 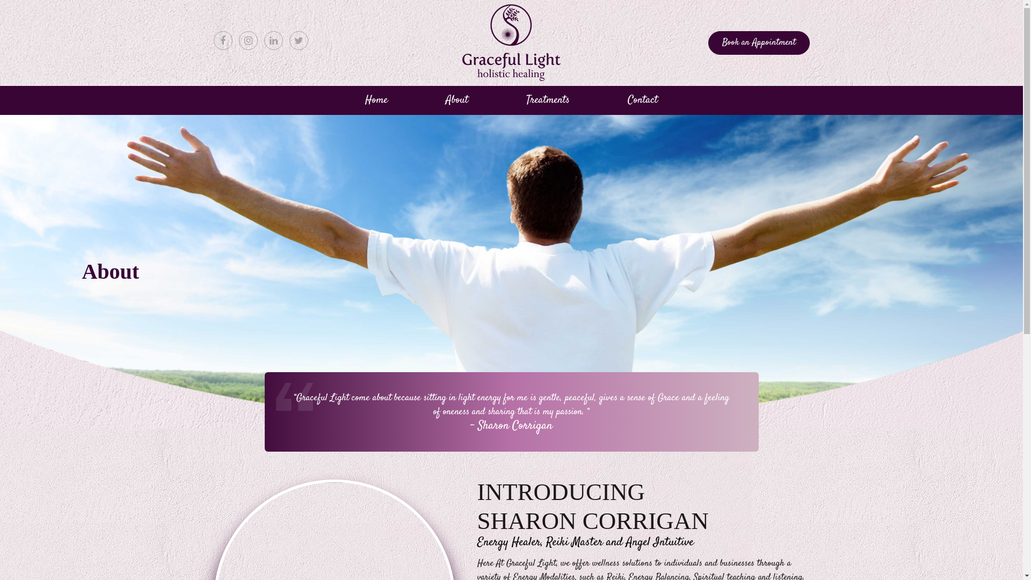 I want to click on 'Book an Appointment', so click(x=758, y=42).